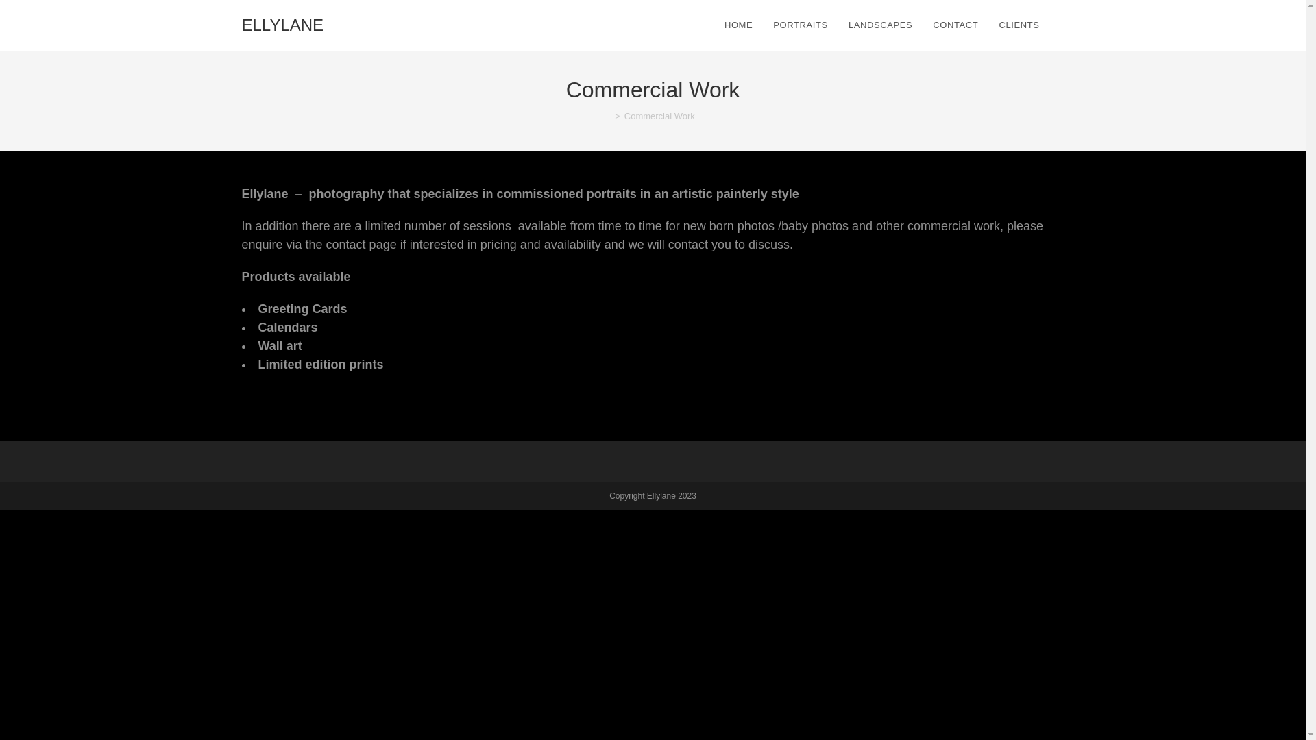 The image size is (1316, 740). Describe the element at coordinates (922, 25) in the screenshot. I see `'CONTACT'` at that location.